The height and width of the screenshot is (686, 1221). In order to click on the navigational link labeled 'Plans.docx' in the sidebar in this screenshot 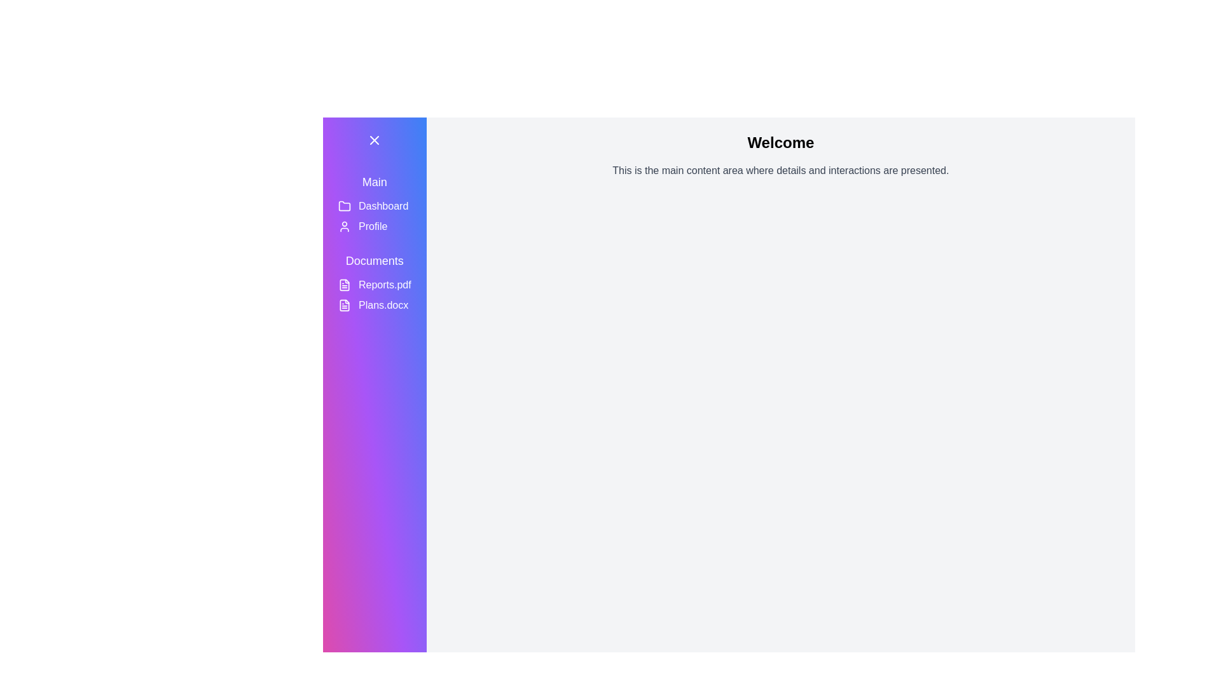, I will do `click(383, 306)`.